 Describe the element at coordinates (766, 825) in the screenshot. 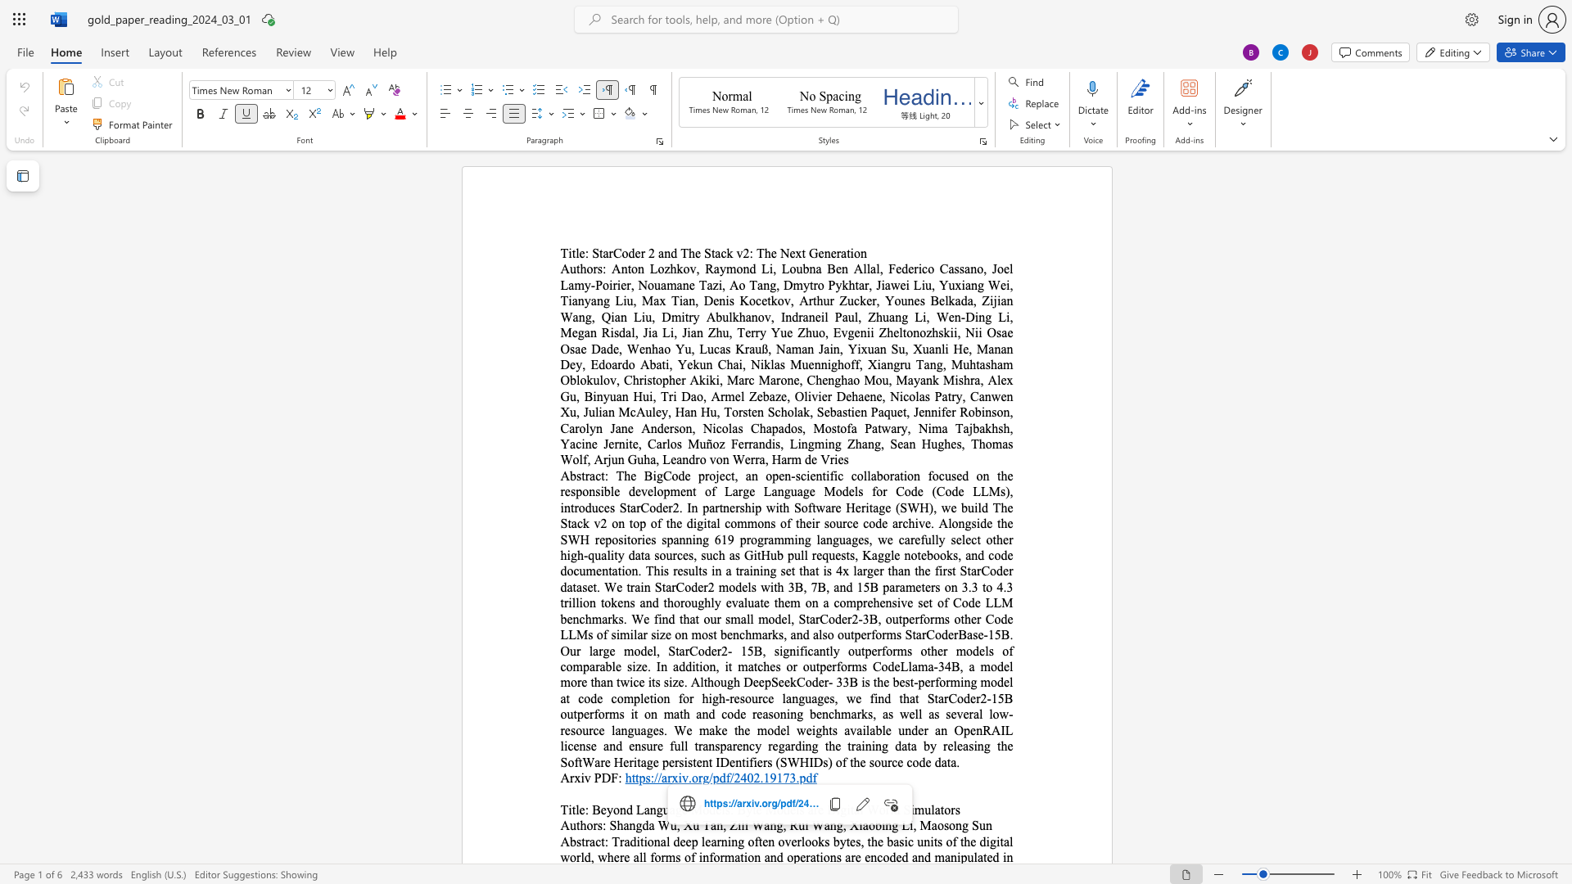

I see `the 1th character "a" in the text` at that location.